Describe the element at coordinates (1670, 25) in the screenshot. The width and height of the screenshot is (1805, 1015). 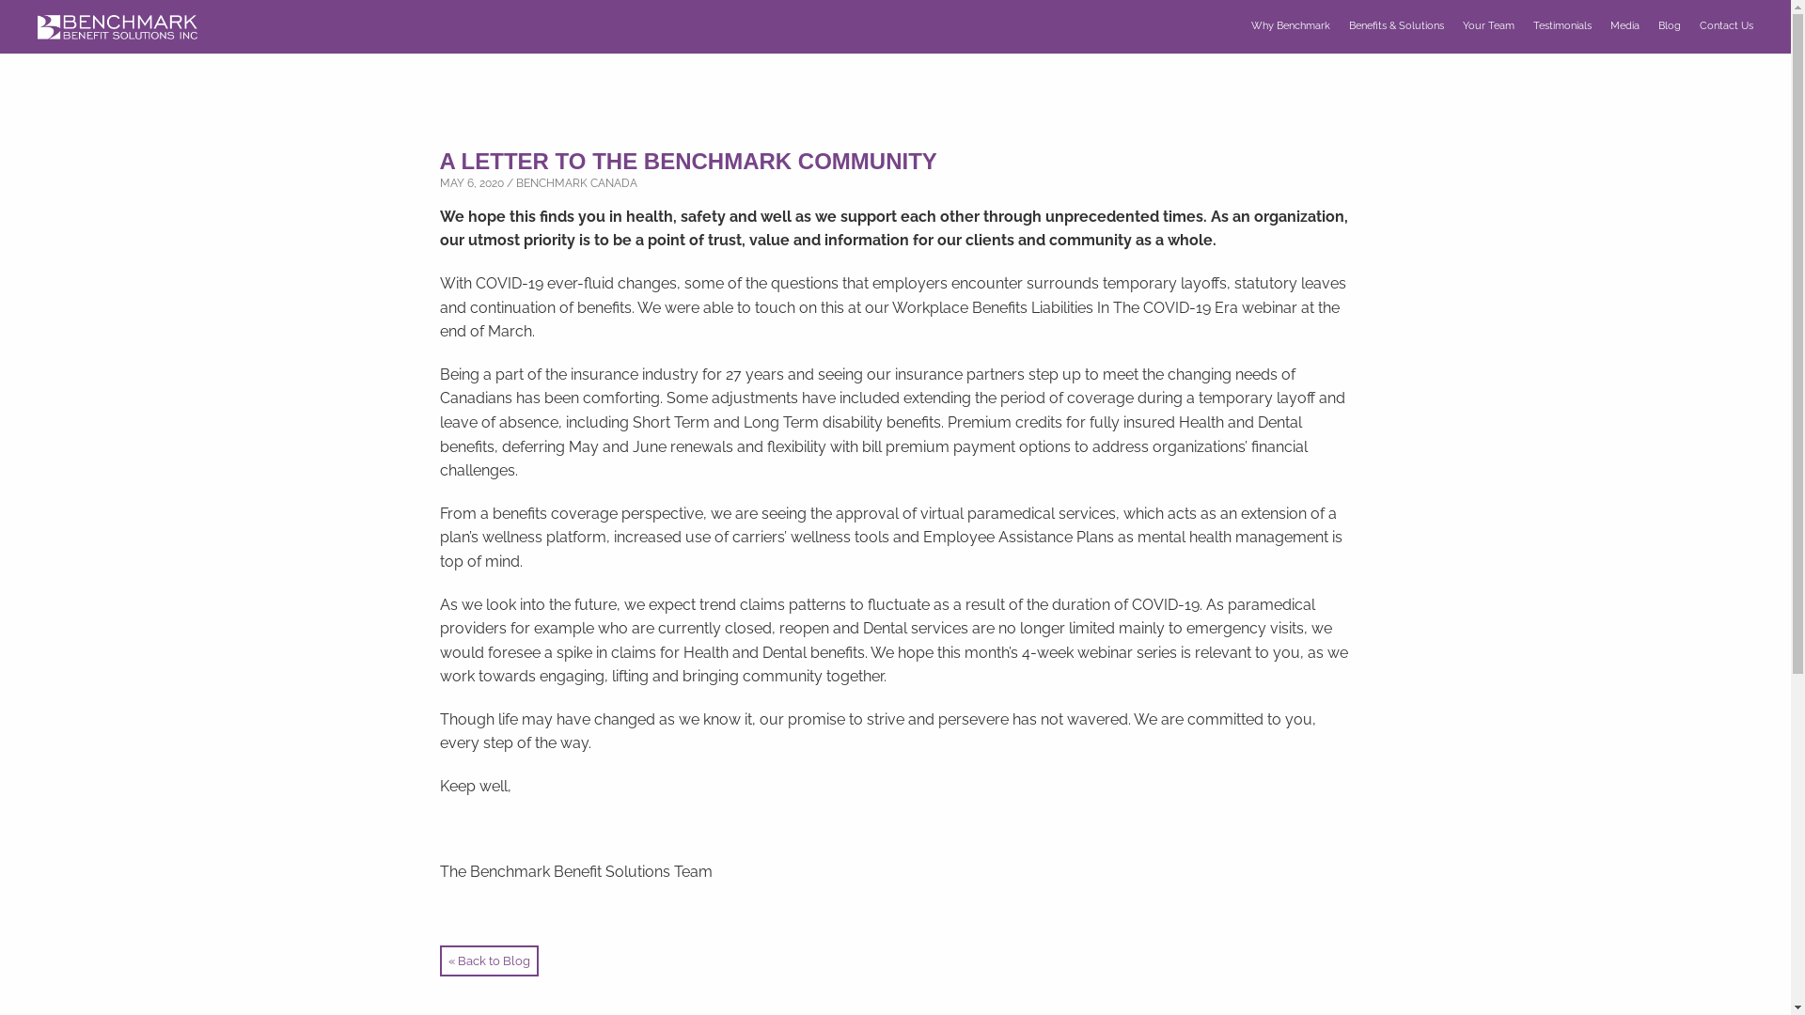
I see `'Blog'` at that location.